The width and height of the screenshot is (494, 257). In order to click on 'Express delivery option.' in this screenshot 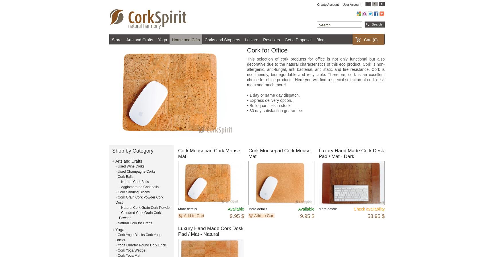, I will do `click(270, 100)`.